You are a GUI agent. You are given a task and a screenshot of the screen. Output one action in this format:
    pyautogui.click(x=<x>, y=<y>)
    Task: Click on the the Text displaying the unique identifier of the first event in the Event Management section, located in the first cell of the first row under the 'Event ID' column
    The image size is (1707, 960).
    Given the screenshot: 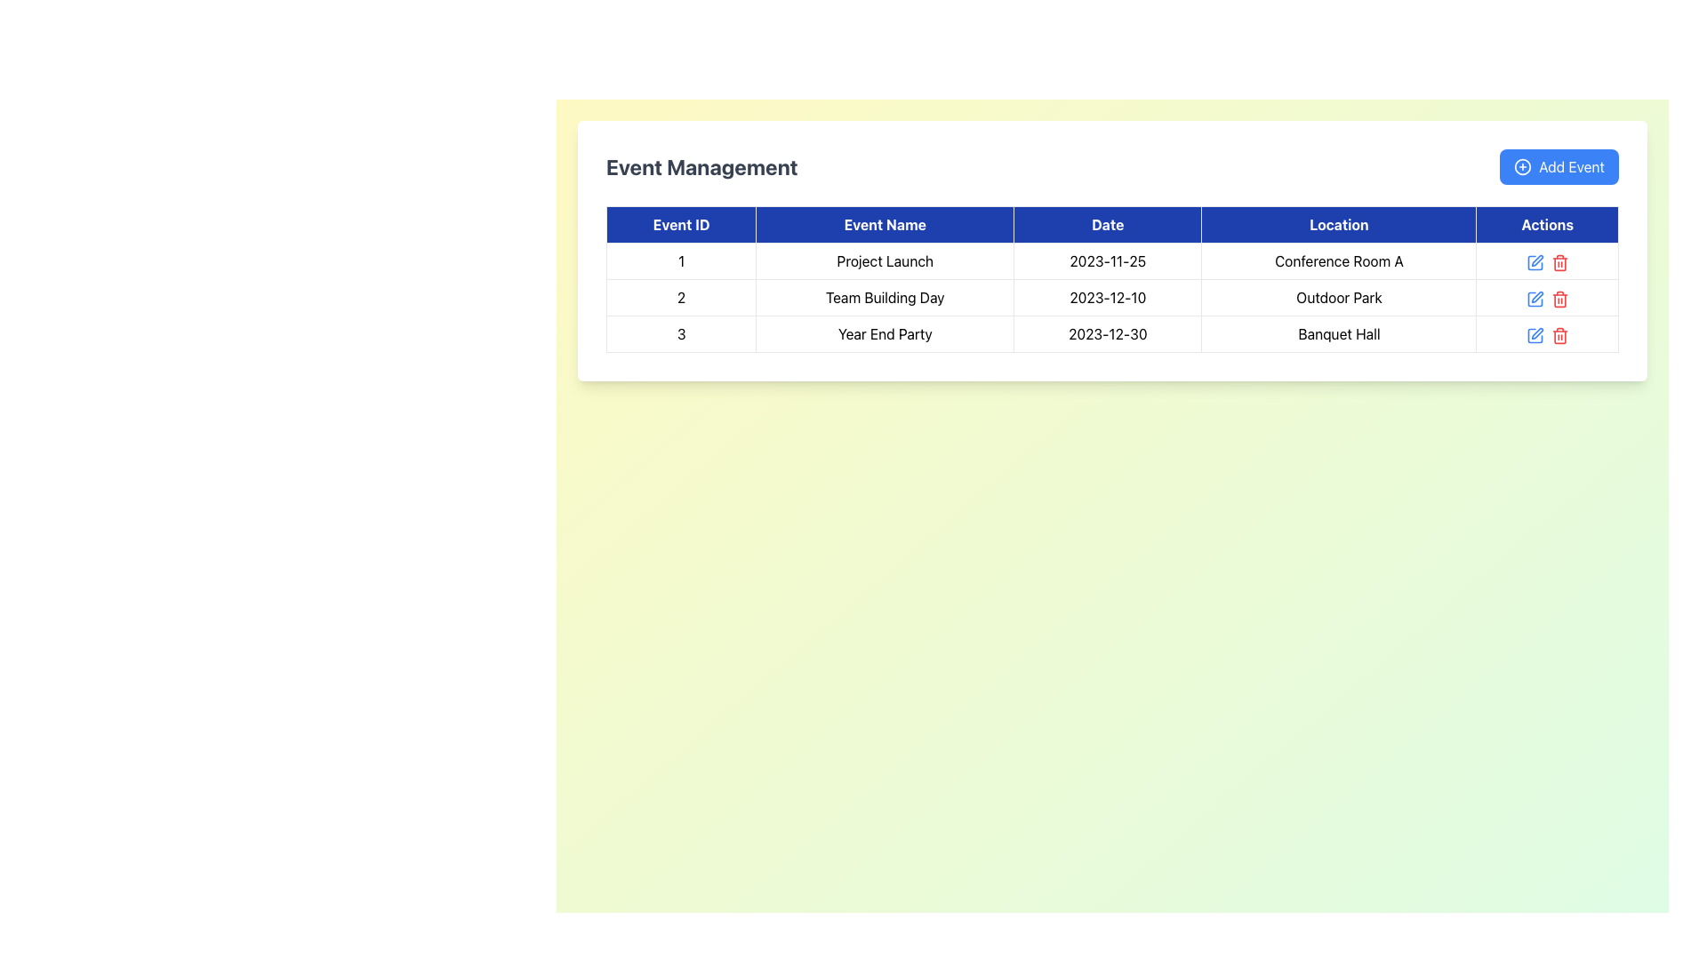 What is the action you would take?
    pyautogui.click(x=680, y=260)
    